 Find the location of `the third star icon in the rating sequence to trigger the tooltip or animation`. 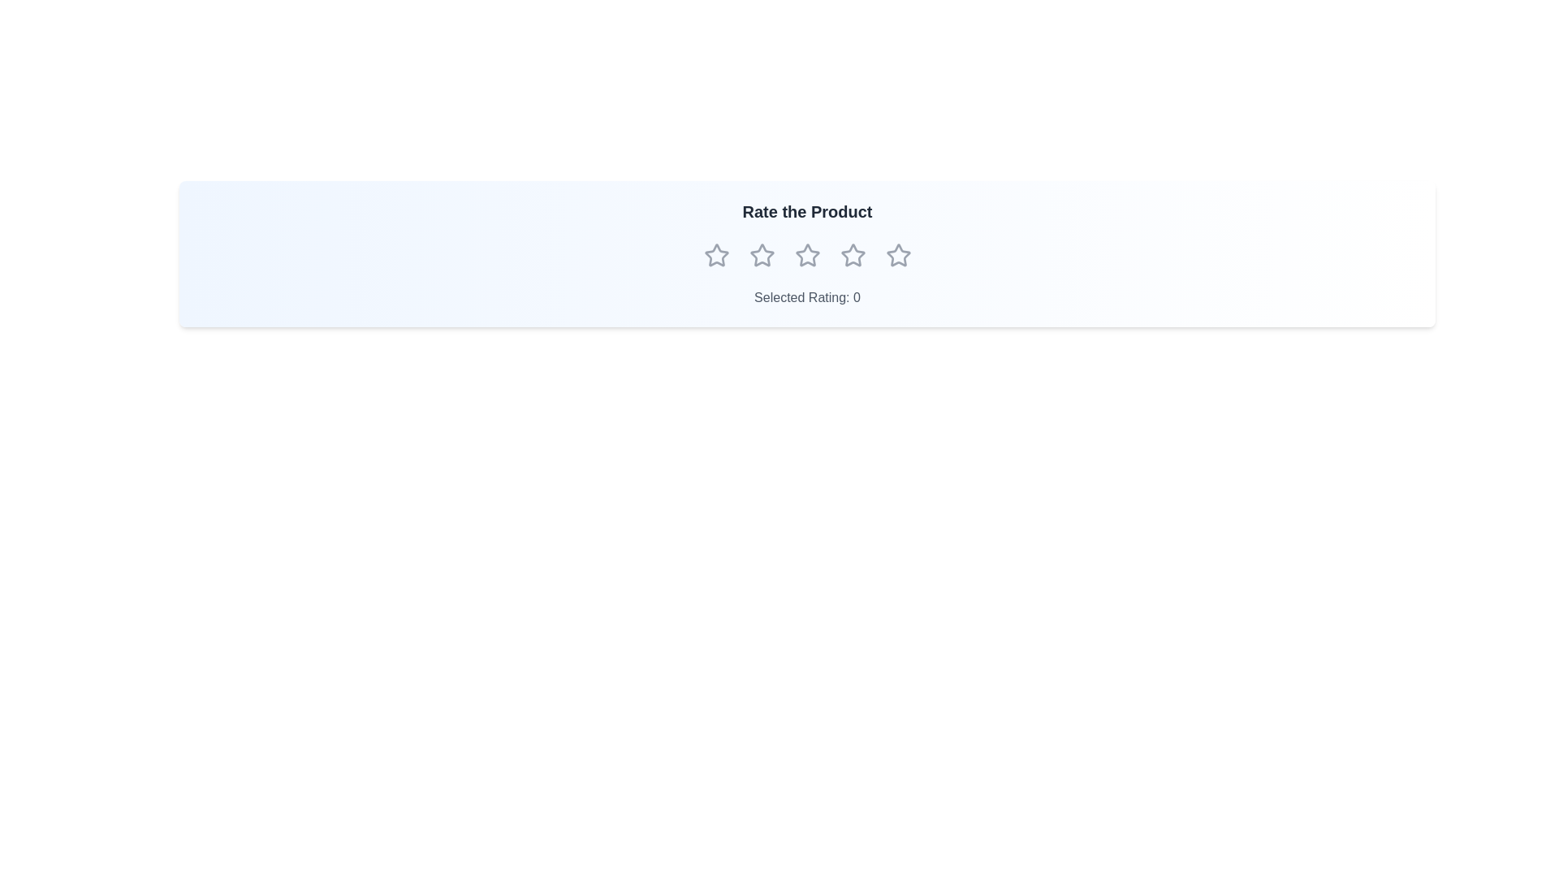

the third star icon in the rating sequence to trigger the tooltip or animation is located at coordinates (807, 256).